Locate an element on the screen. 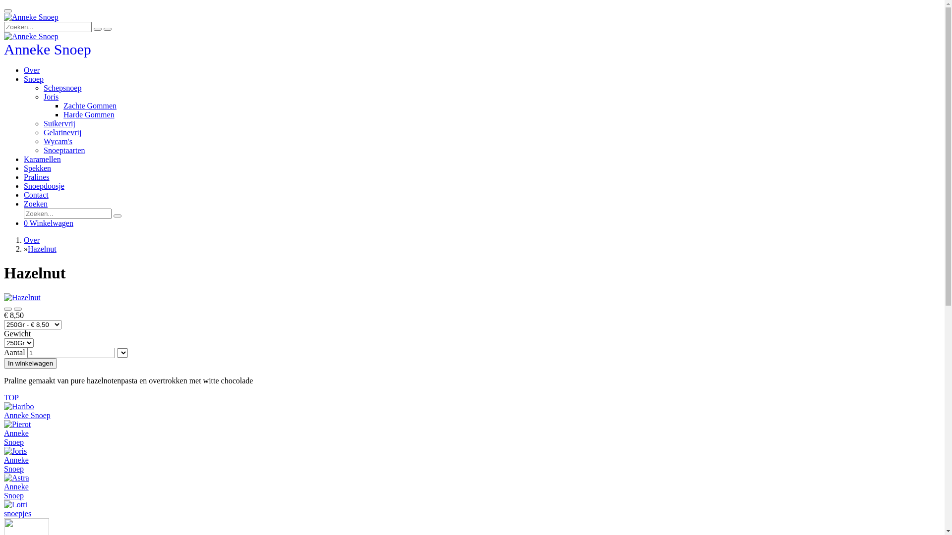 The height and width of the screenshot is (535, 952). 'Harde Gommen' is located at coordinates (63, 114).